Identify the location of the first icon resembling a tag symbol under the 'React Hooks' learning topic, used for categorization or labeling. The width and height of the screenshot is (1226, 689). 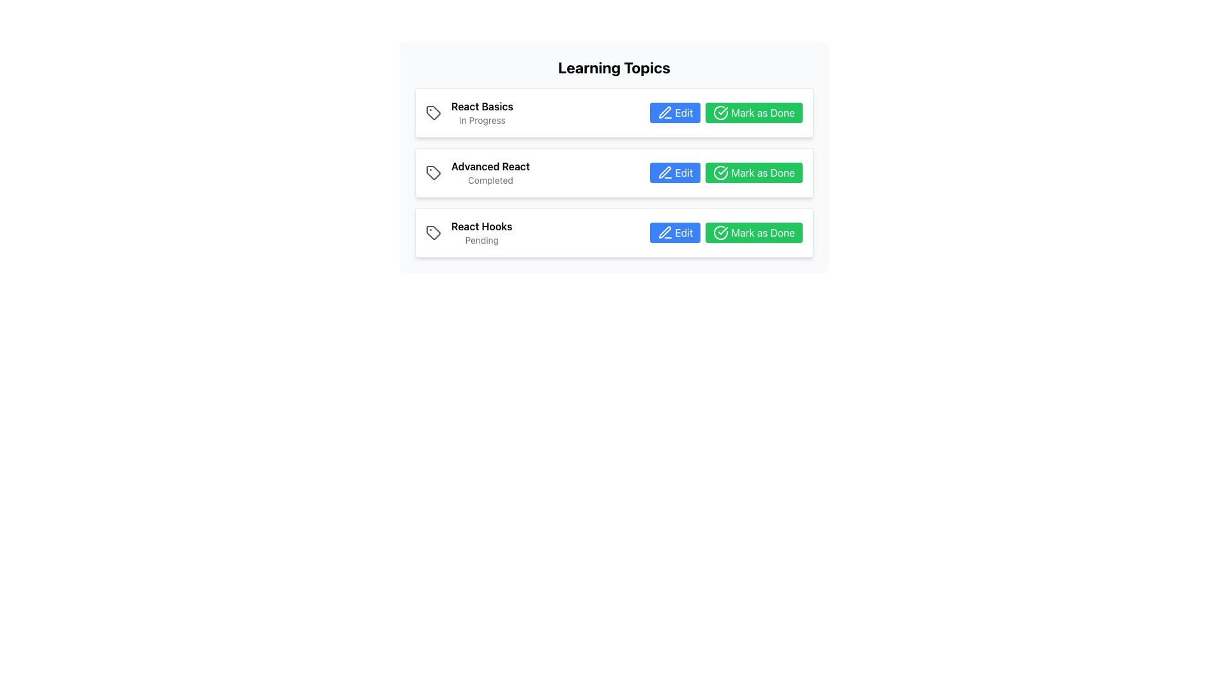
(433, 233).